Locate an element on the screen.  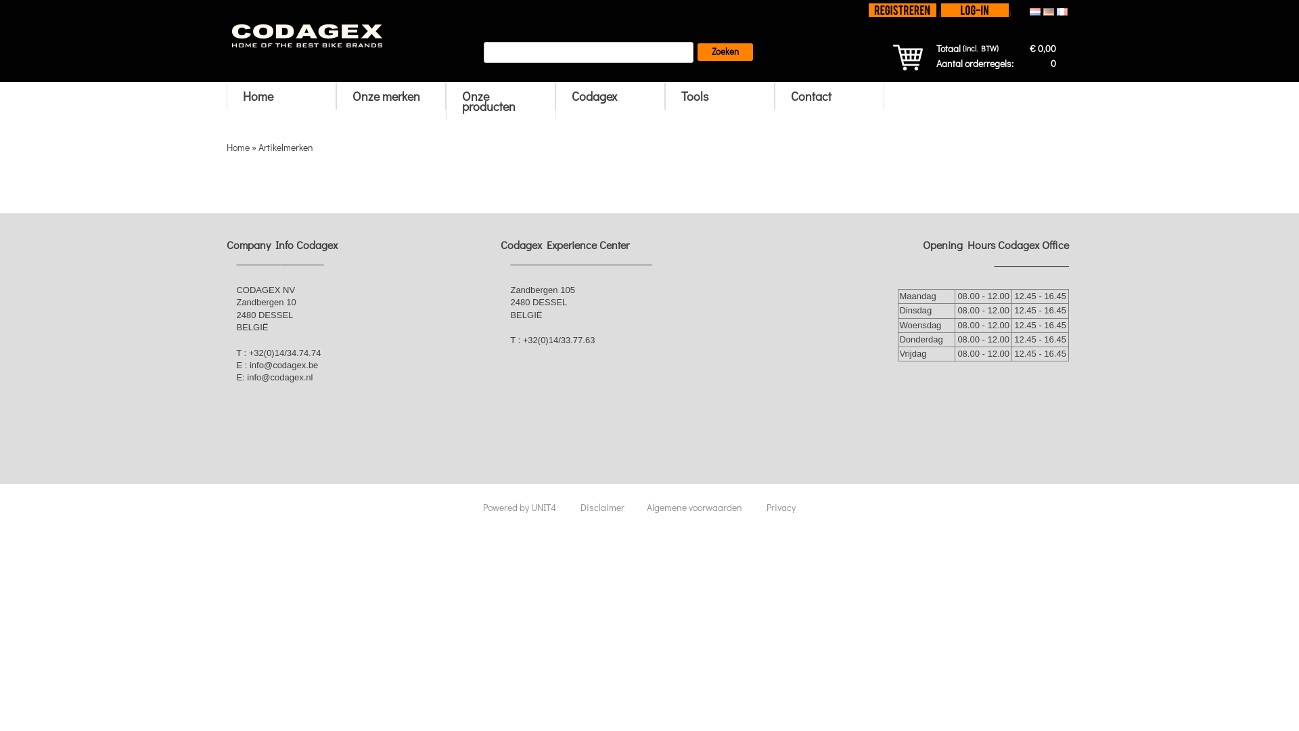
'Privacy' is located at coordinates (766, 507).